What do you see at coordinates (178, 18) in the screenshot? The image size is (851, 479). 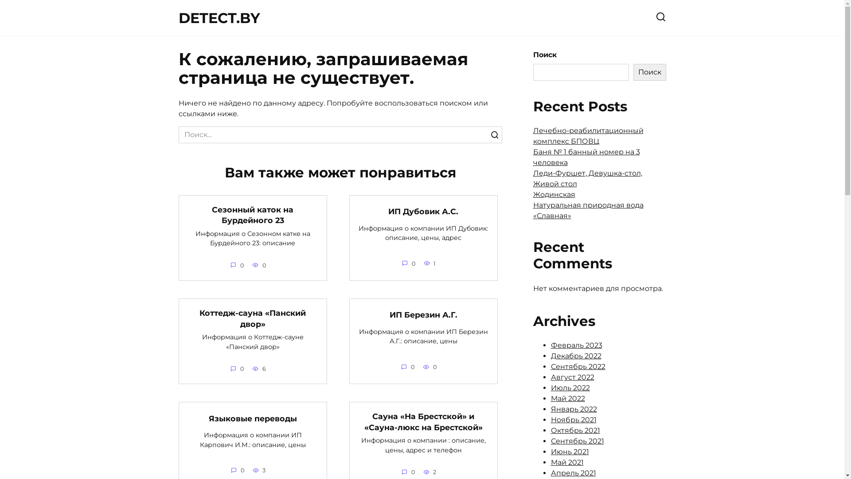 I see `'DETECT.BY'` at bounding box center [178, 18].